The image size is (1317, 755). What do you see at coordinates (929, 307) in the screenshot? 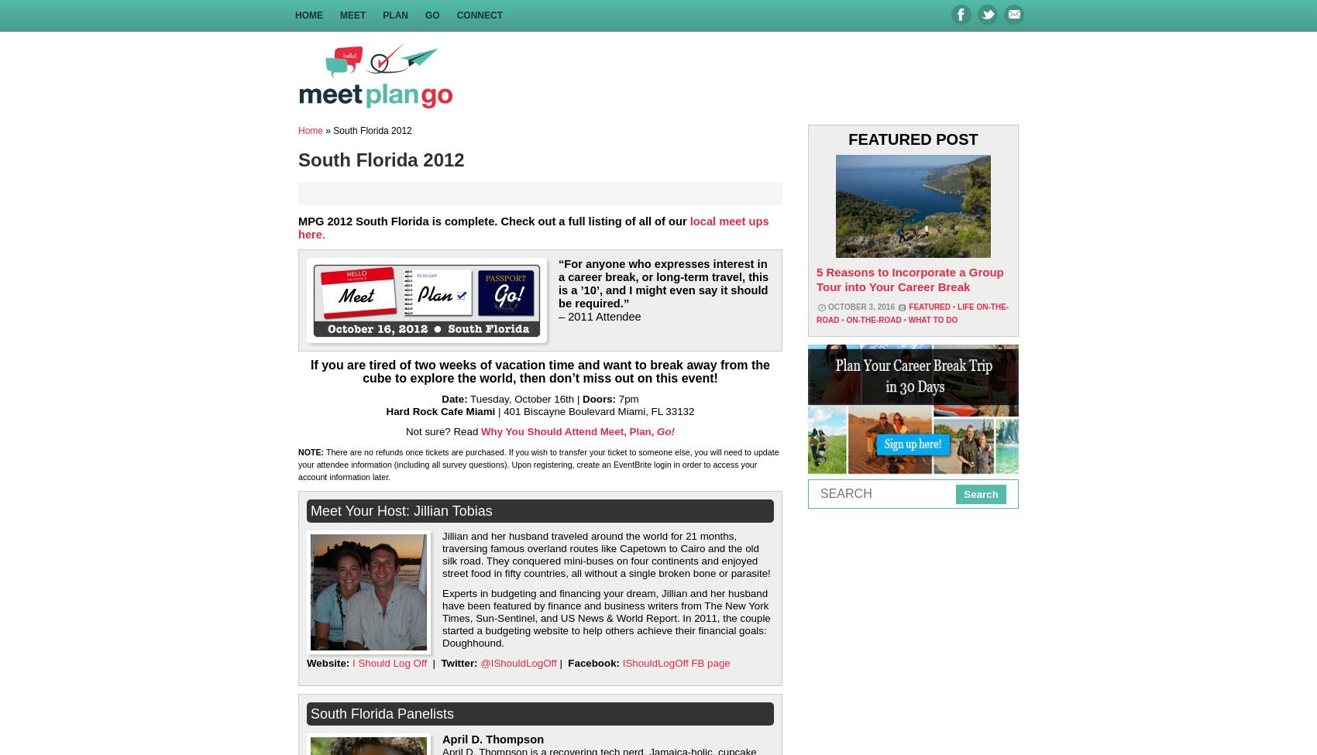
I see `'Featured'` at bounding box center [929, 307].